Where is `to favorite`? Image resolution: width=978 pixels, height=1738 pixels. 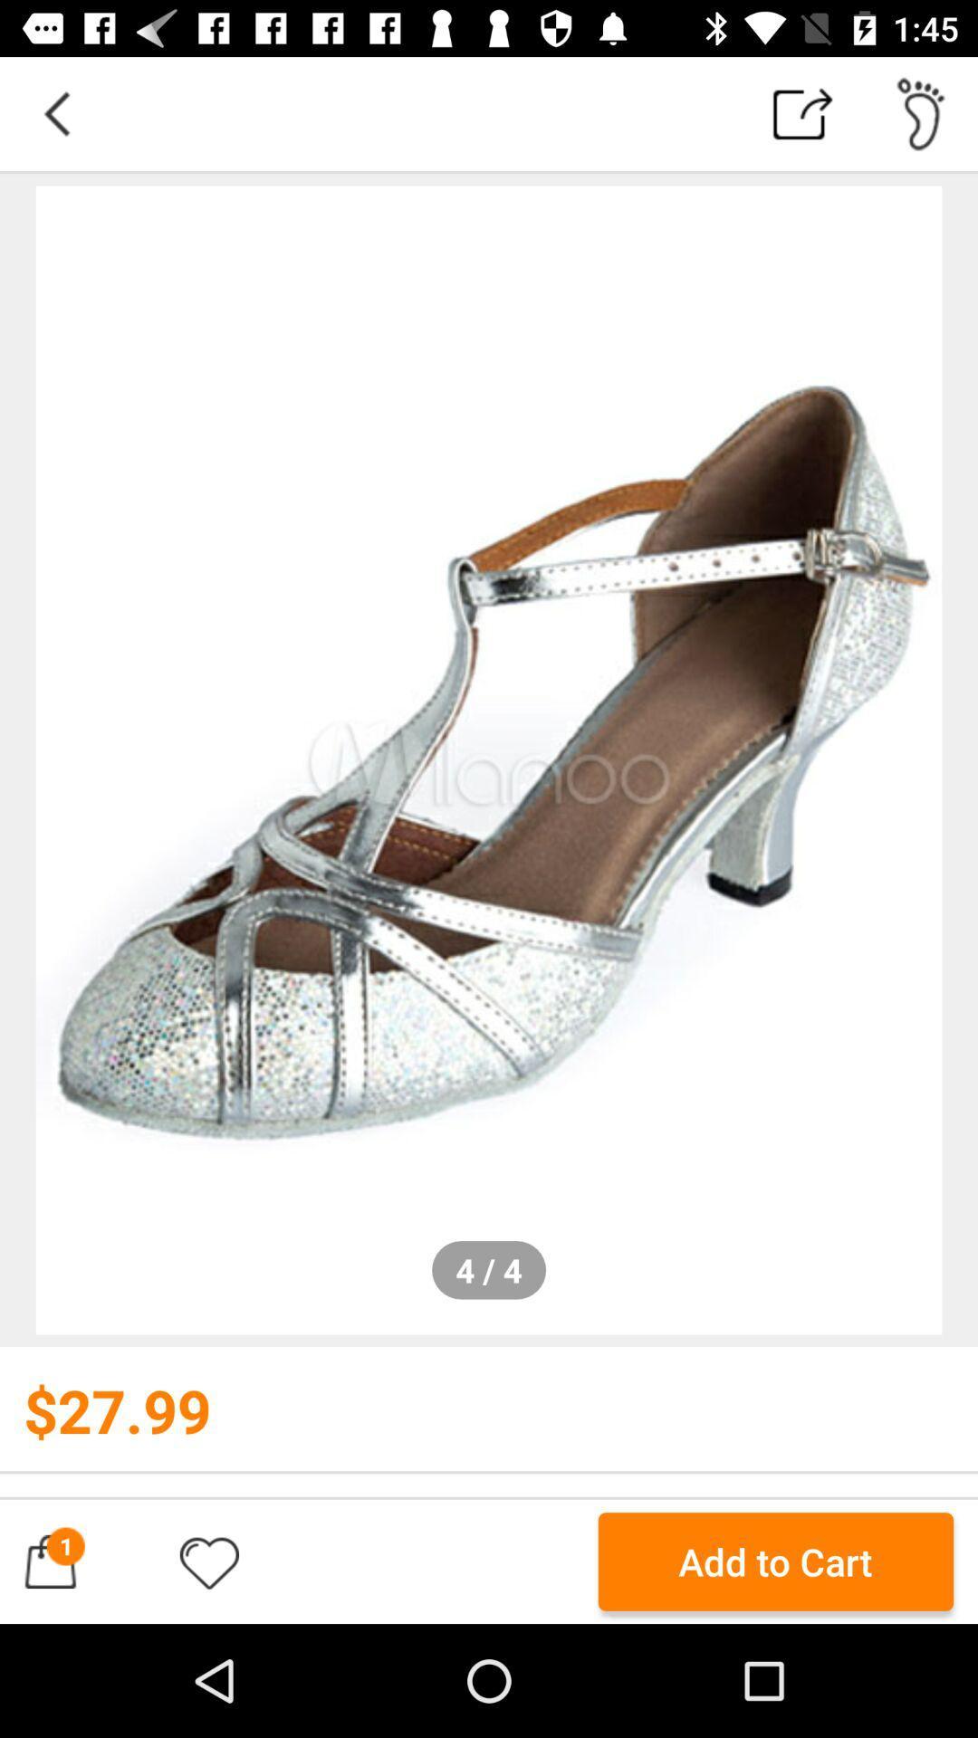 to favorite is located at coordinates (208, 1561).